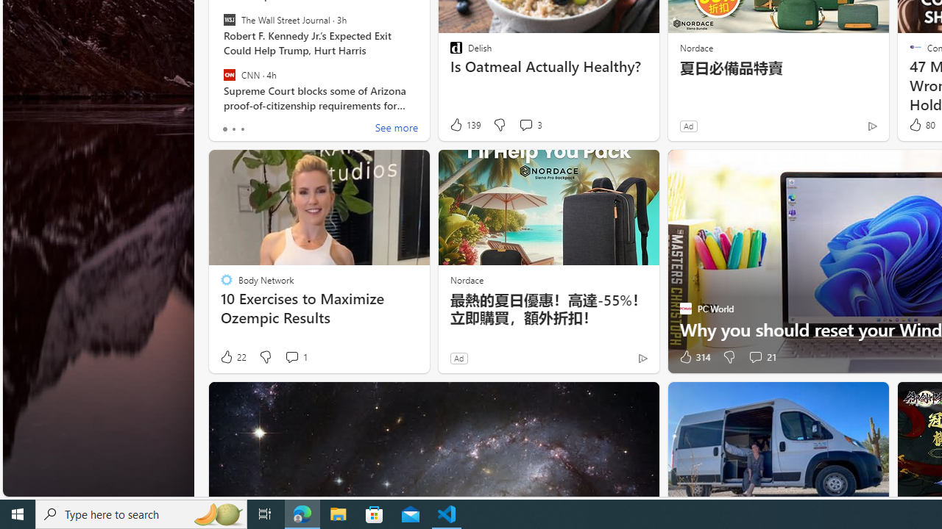 The width and height of the screenshot is (942, 529). Describe the element at coordinates (693, 357) in the screenshot. I see `'314 Like'` at that location.